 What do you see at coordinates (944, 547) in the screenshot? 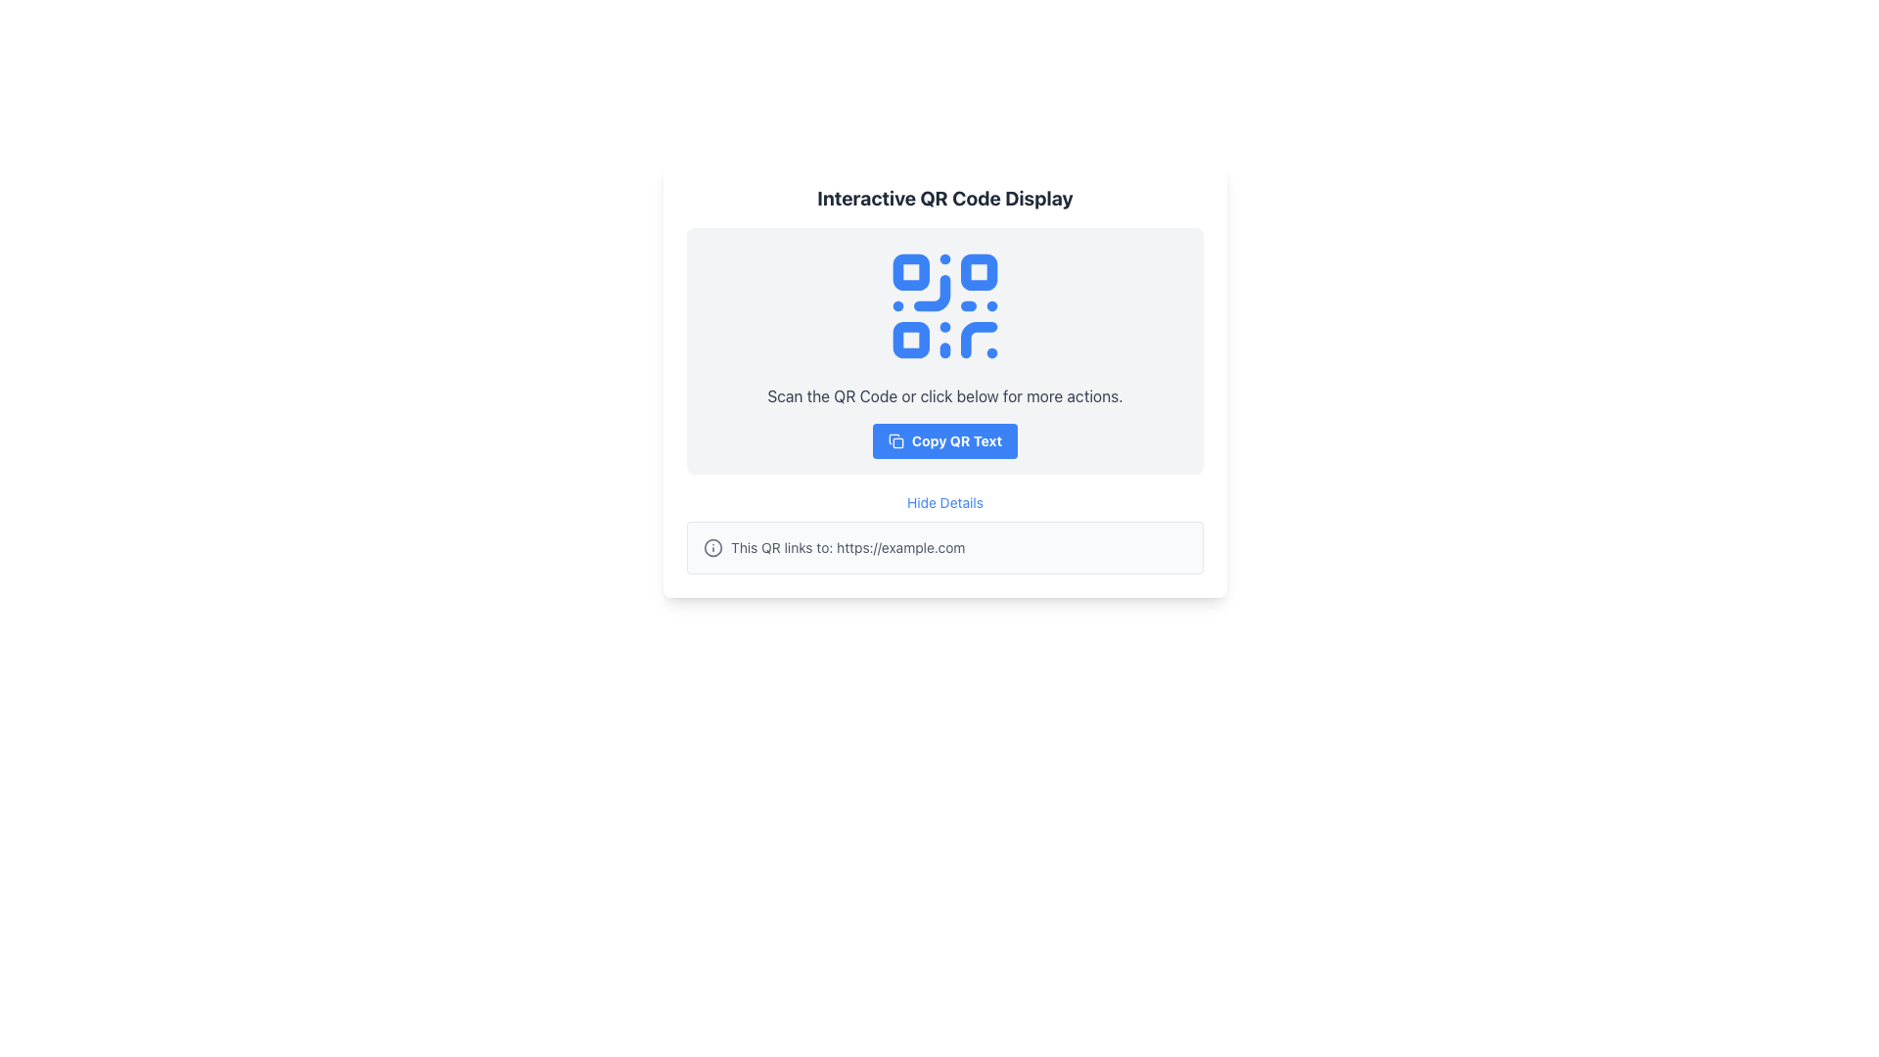
I see `the informational text element that reads 'This QR links to: https://example.com', which is accompanied by an informational icon and is centrally positioned within a bordered box with a light gray background` at bounding box center [944, 547].